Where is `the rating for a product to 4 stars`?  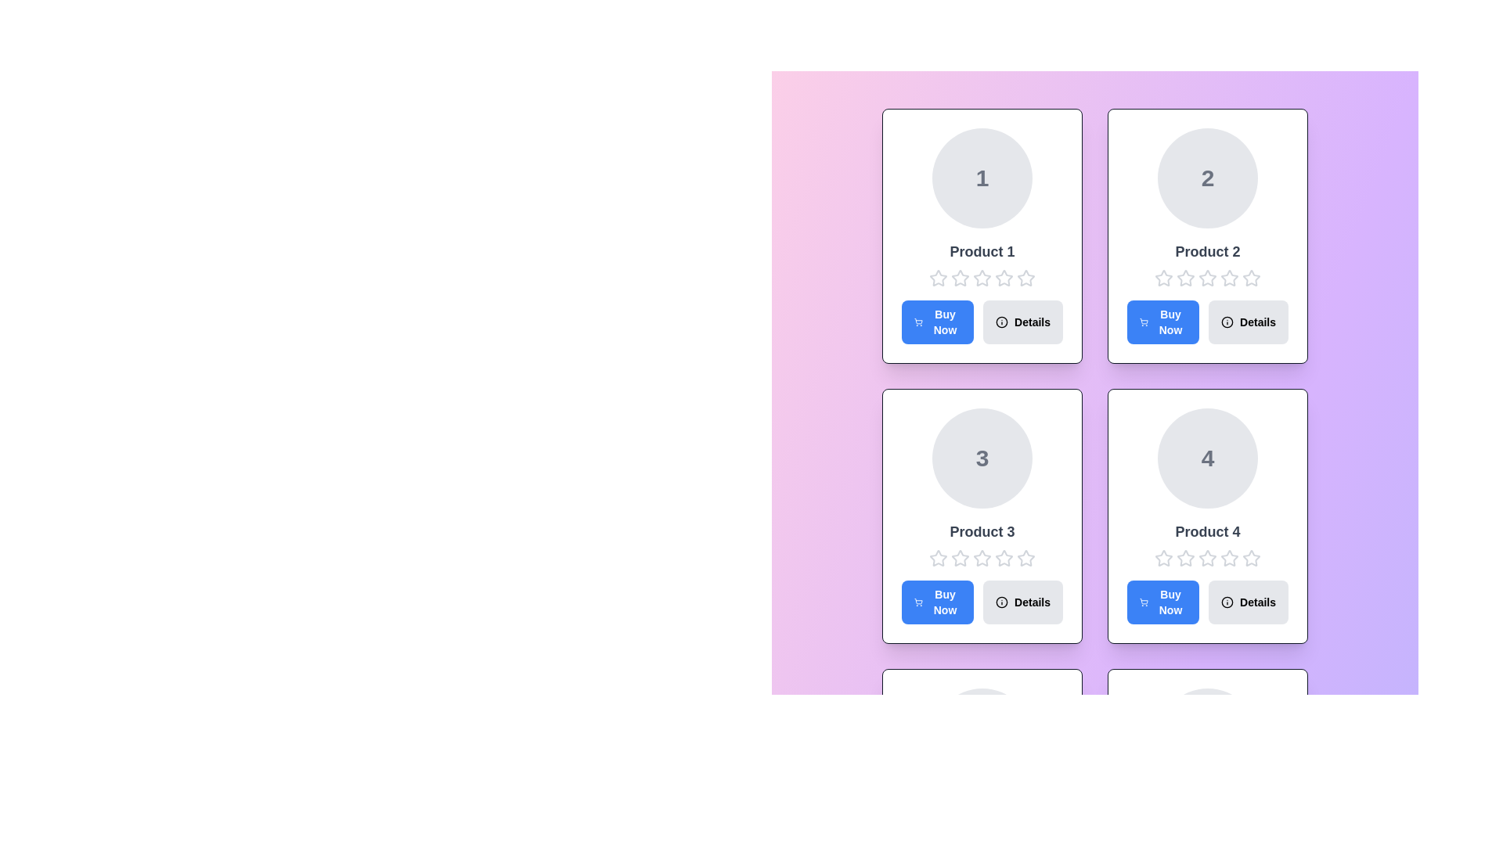
the rating for a product to 4 stars is located at coordinates (1004, 277).